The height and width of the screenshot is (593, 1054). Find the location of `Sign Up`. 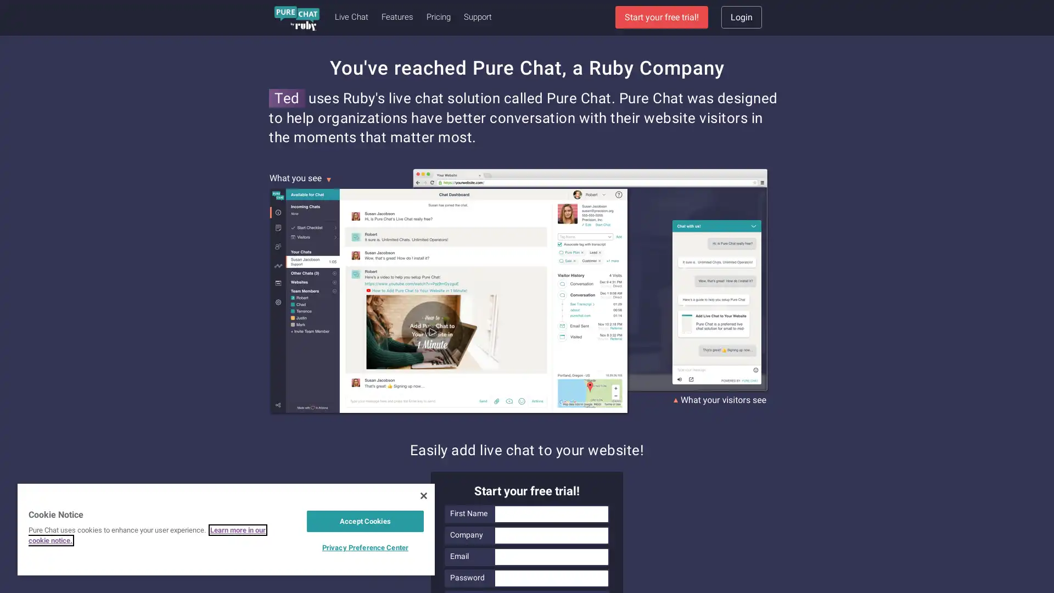

Sign Up is located at coordinates (526, 112).